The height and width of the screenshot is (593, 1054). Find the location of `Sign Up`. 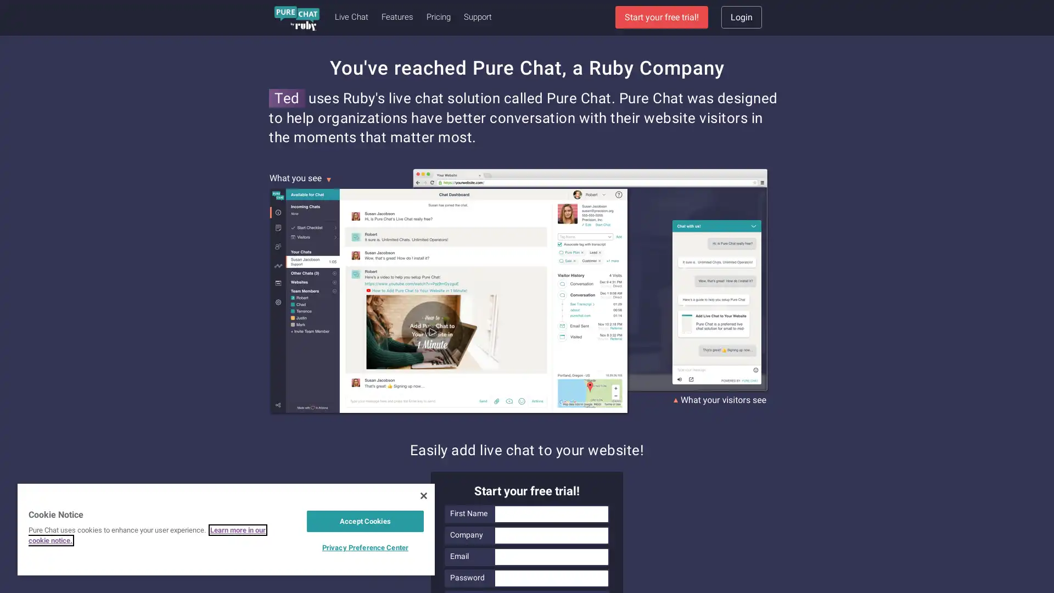

Sign Up is located at coordinates (526, 112).